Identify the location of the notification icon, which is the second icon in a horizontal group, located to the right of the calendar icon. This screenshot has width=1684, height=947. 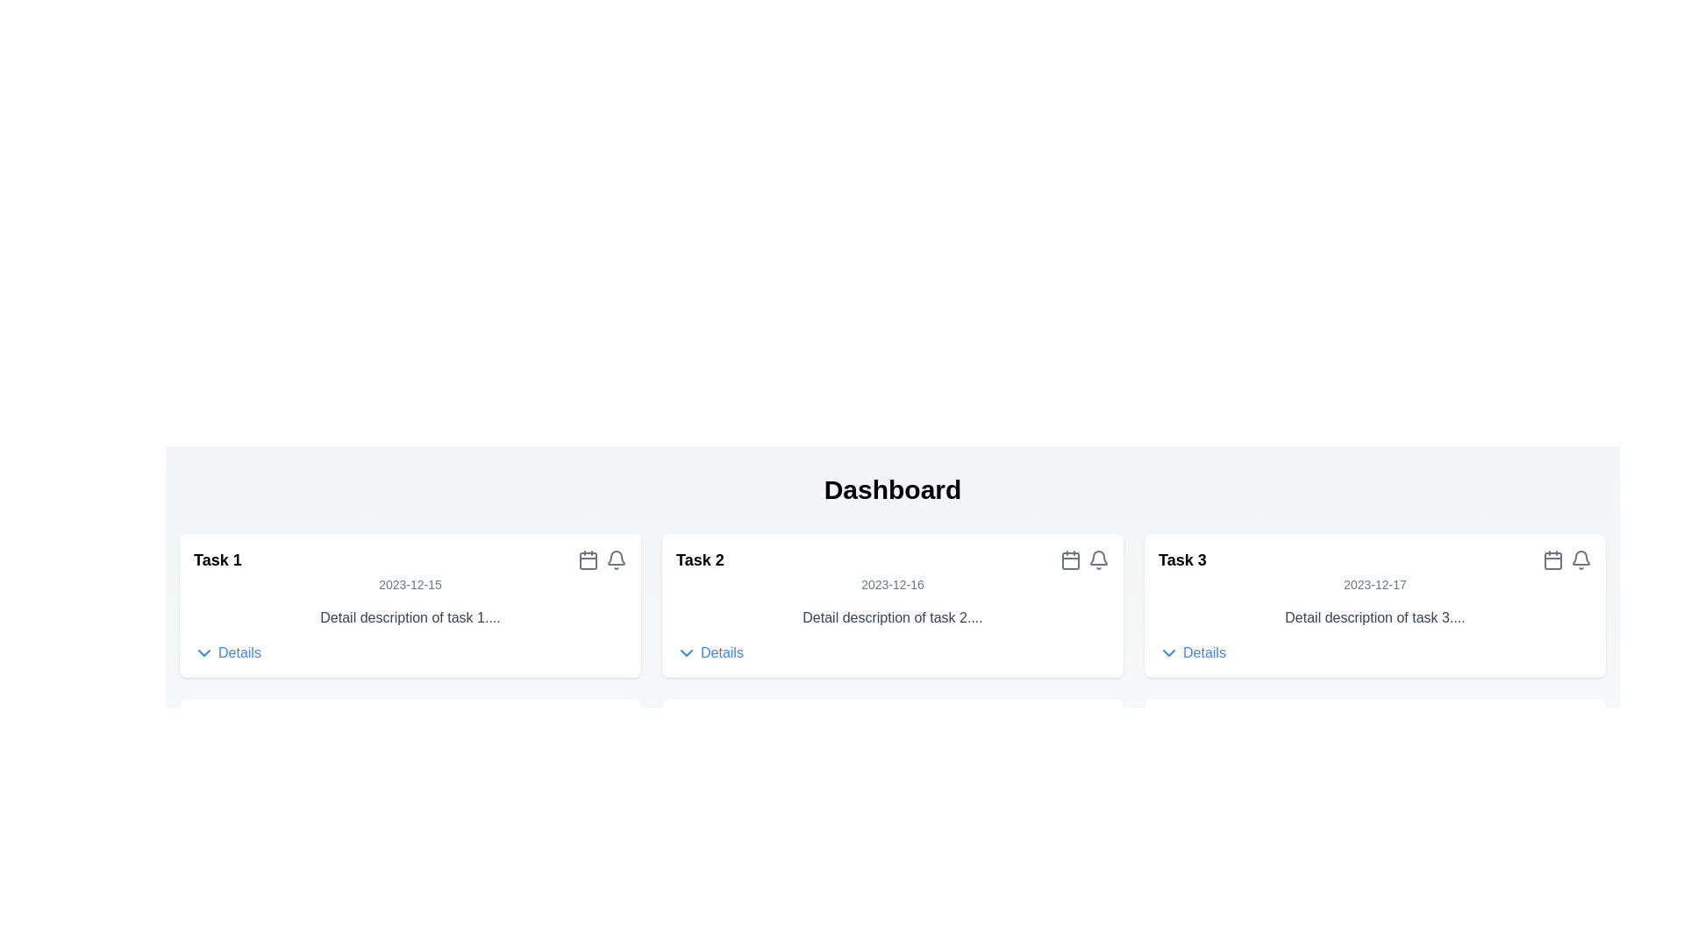
(1581, 560).